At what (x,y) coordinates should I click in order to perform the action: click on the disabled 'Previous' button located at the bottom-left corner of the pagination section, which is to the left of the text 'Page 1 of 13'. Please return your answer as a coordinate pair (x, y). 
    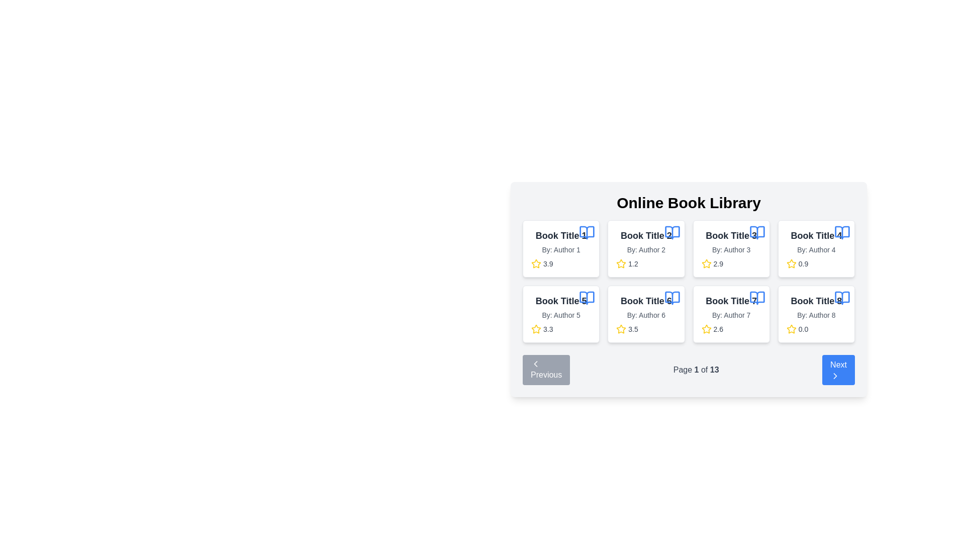
    Looking at the image, I should click on (546, 370).